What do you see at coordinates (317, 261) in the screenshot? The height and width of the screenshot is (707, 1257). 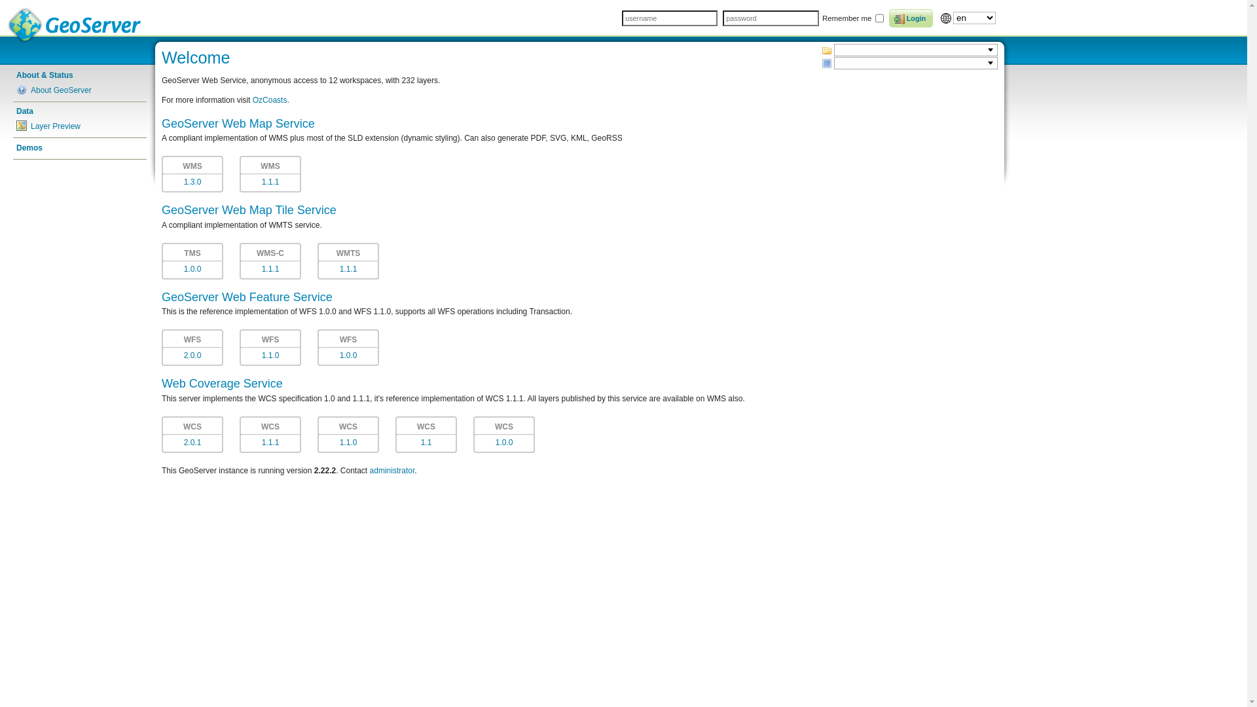 I see `'WMTS` at bounding box center [317, 261].